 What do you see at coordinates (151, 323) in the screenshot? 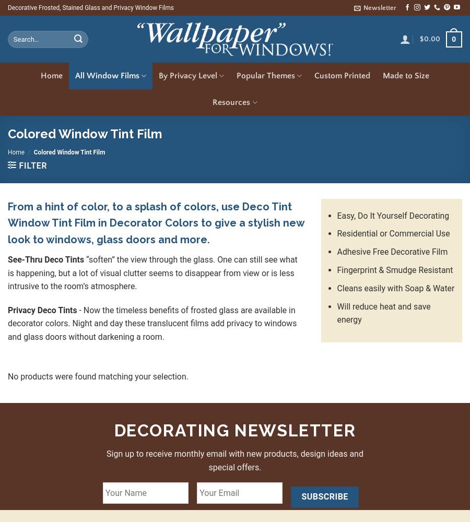
I see `'- Now the timeless benefits of frosted glass are available in decorator colors. Night and day these translucent films add privacy to windows and glass doors without darkening a room.'` at bounding box center [151, 323].